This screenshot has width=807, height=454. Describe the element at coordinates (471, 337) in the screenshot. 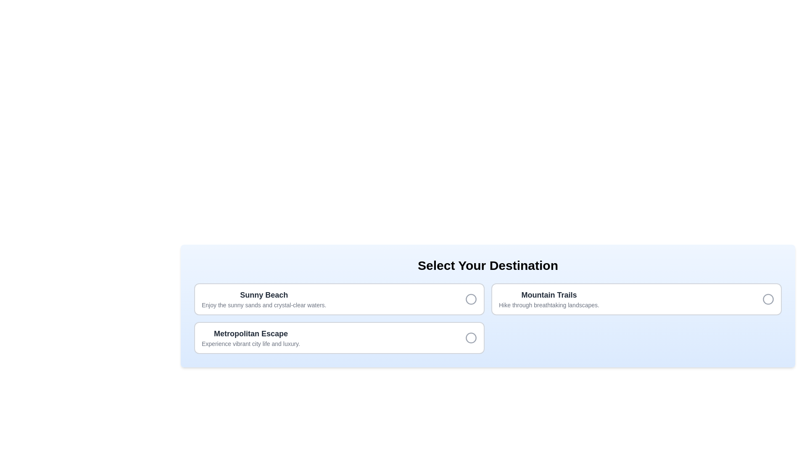

I see `the small circular radio button located to the right of the 'Metropolitan Escape' destination option` at that location.